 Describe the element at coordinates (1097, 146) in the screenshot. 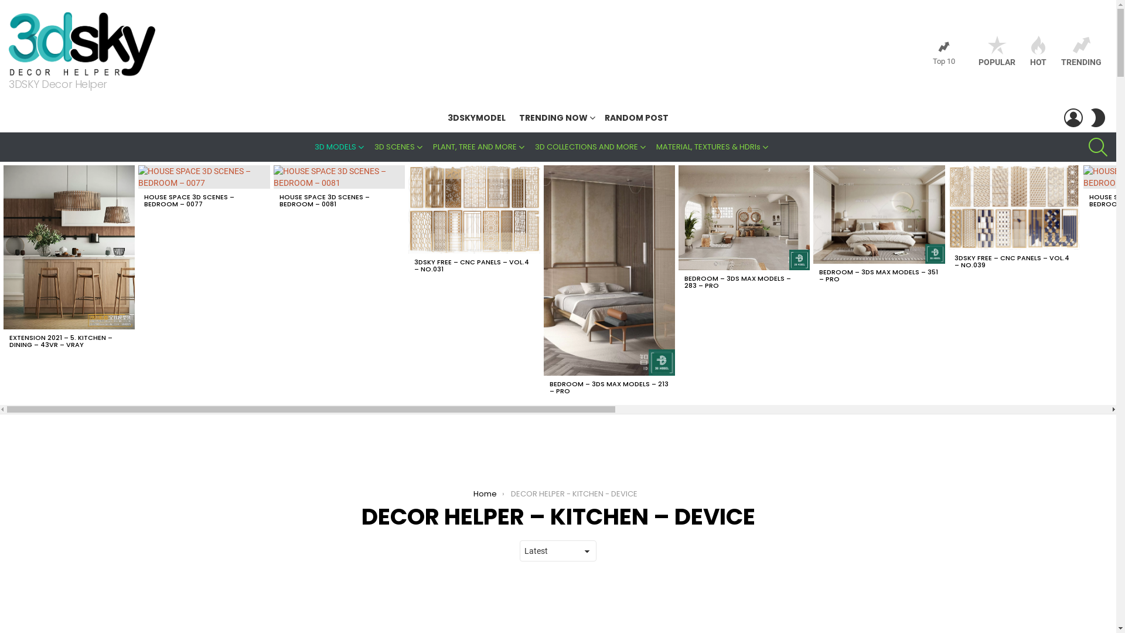

I see `'SEARCH'` at that location.